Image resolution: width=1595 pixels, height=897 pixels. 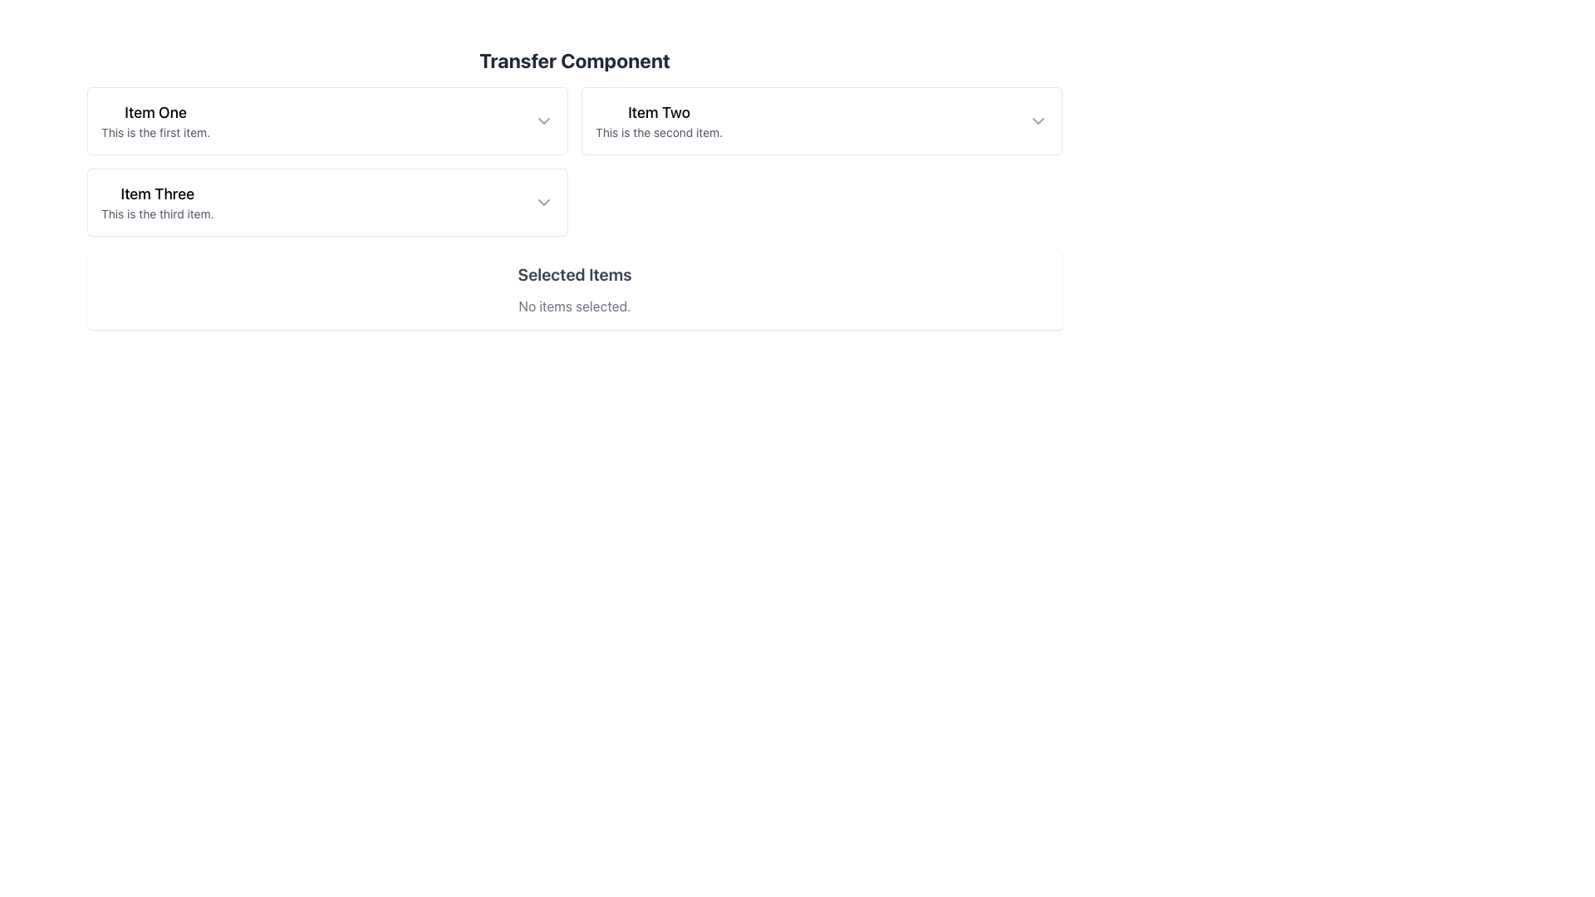 I want to click on the descriptive text label for 'Item One', which is positioned below its bold title and serves as supplementary information, so click(x=155, y=131).